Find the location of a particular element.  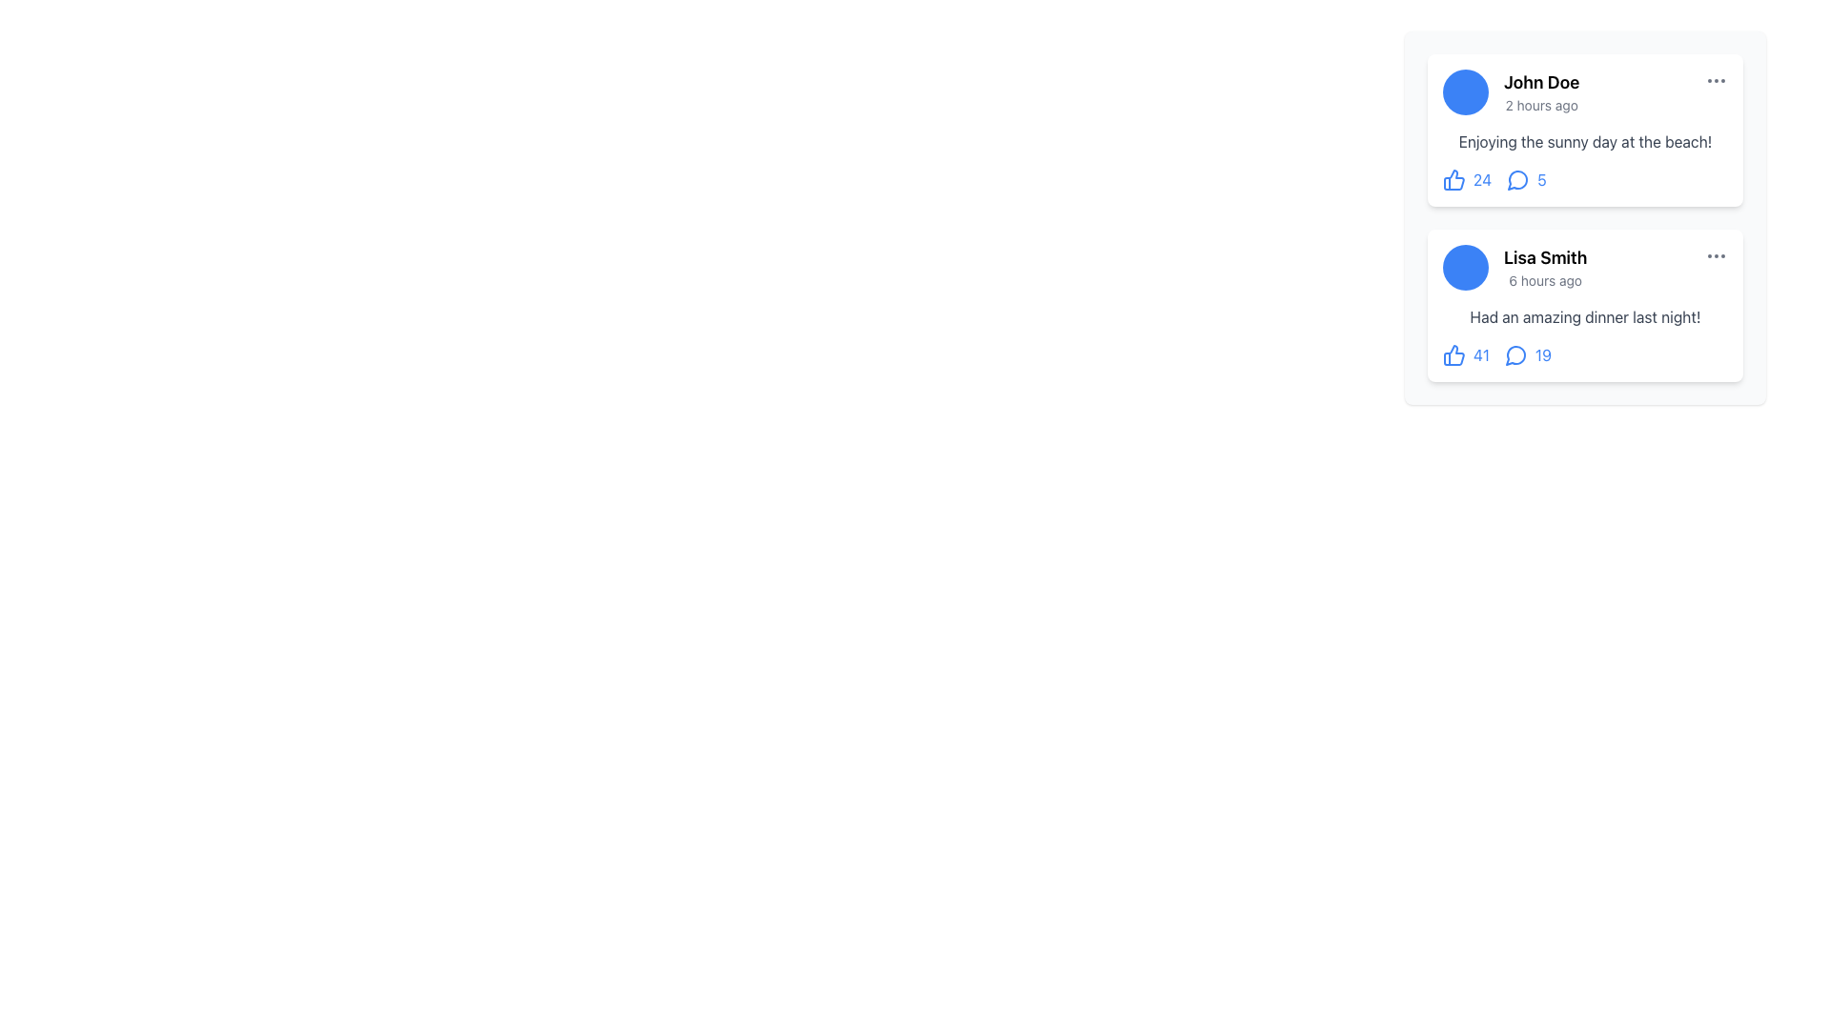

the text element displaying the user's post content, located below the username 'John Doe' and above the reaction section is located at coordinates (1585, 141).